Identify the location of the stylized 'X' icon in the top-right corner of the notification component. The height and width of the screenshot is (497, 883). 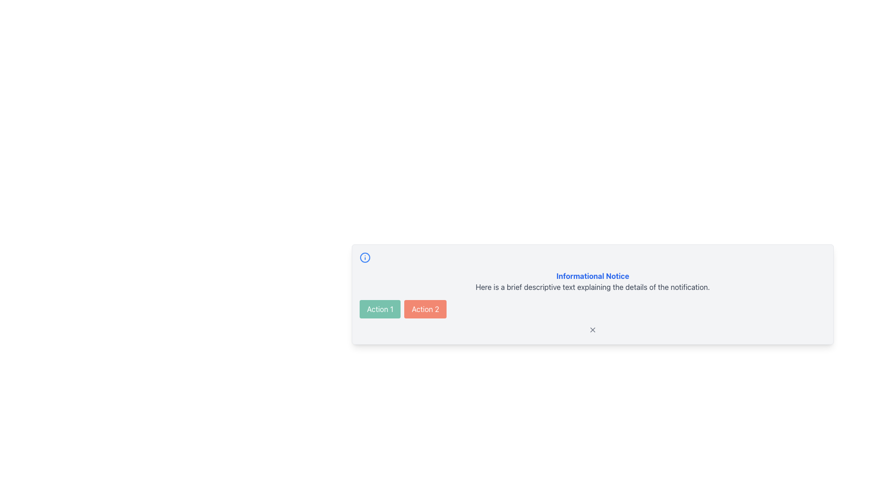
(593, 329).